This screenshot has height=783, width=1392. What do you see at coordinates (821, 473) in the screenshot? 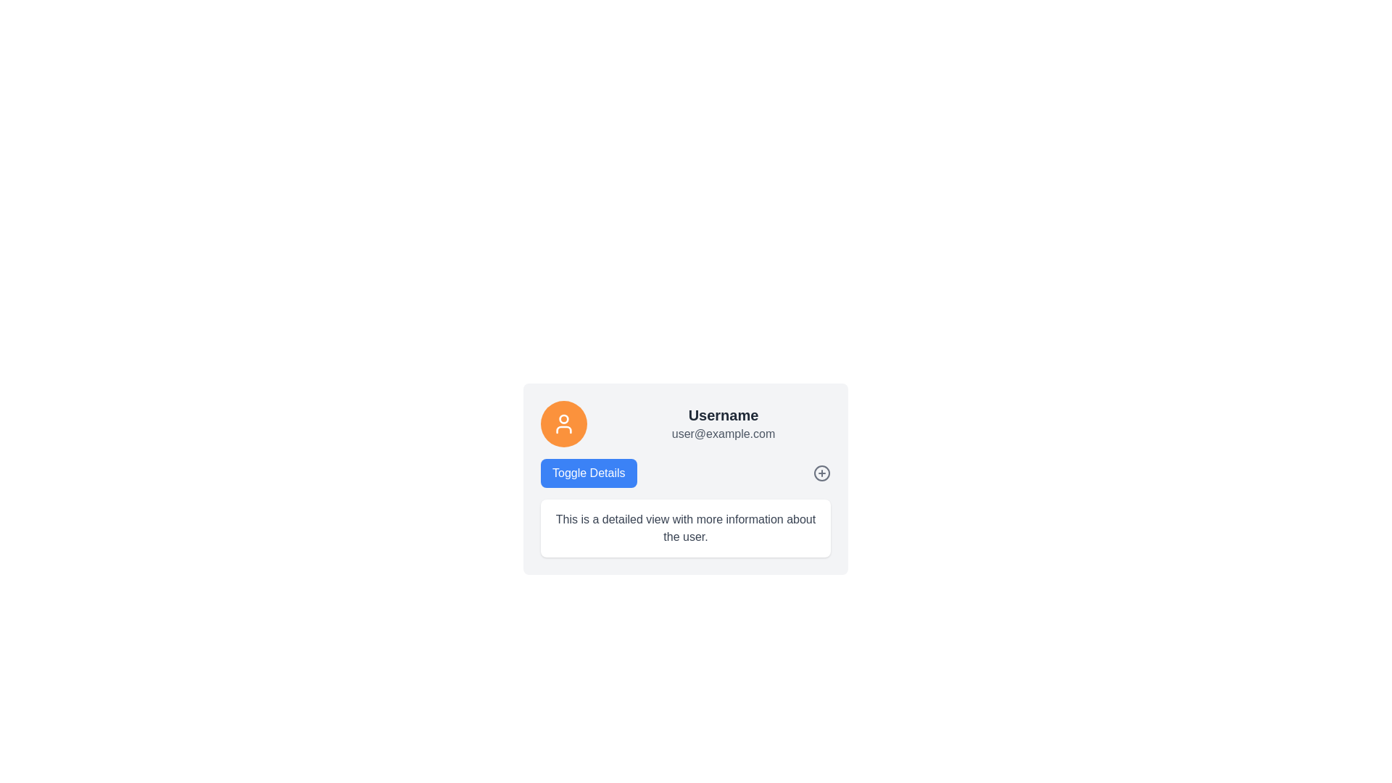
I see `the outer border of the plus-circle icon, which is a filled circular shape in the user profile card interface` at bounding box center [821, 473].